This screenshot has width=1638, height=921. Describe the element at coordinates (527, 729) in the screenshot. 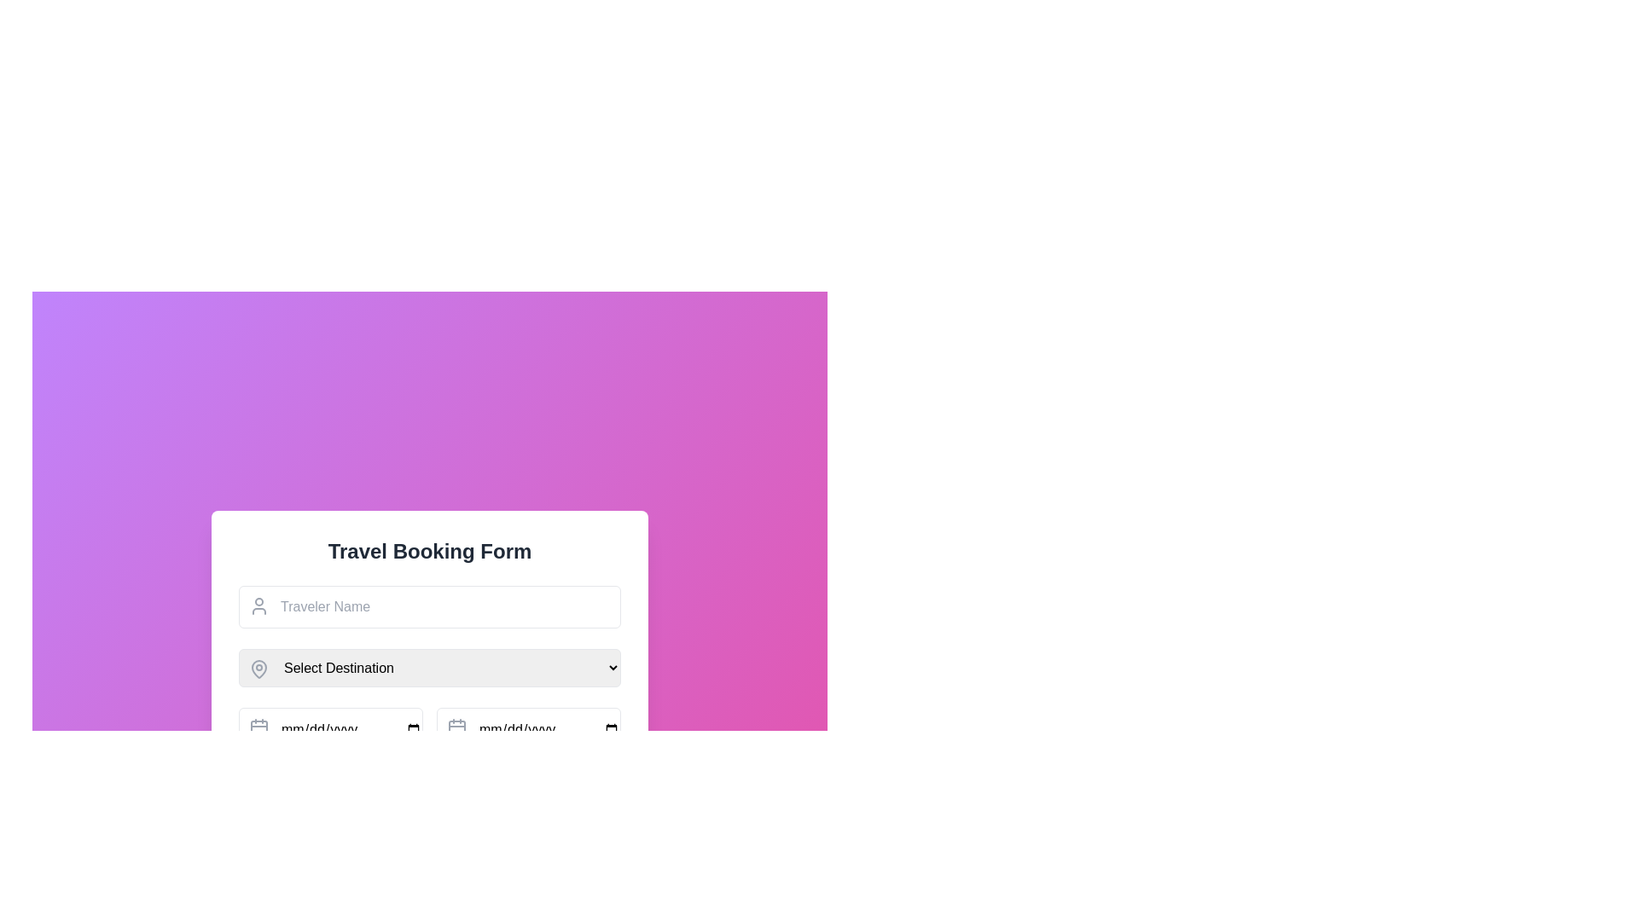

I see `the Date picker input field located in the bottom row of a two-column grid layout, aligned to the right column, which features placeholder text 'mm/dd/yyyy'` at that location.